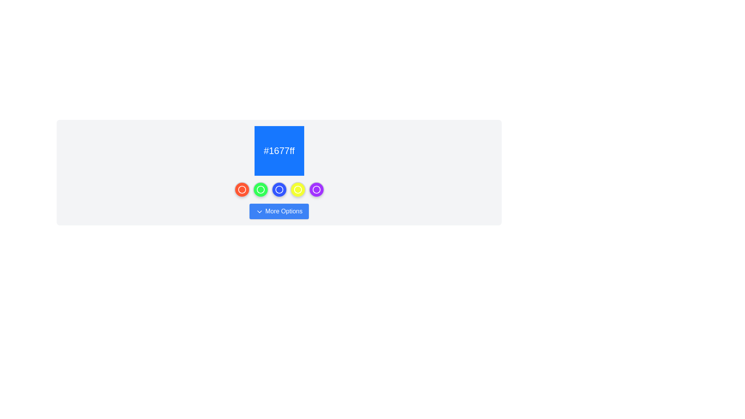 This screenshot has height=419, width=745. What do you see at coordinates (279, 190) in the screenshot?
I see `the white outlined circle icon button on a blue circular background, which is the second button from the left among four similar buttons located beneath the blue rectangle labeled '#1677ff'` at bounding box center [279, 190].